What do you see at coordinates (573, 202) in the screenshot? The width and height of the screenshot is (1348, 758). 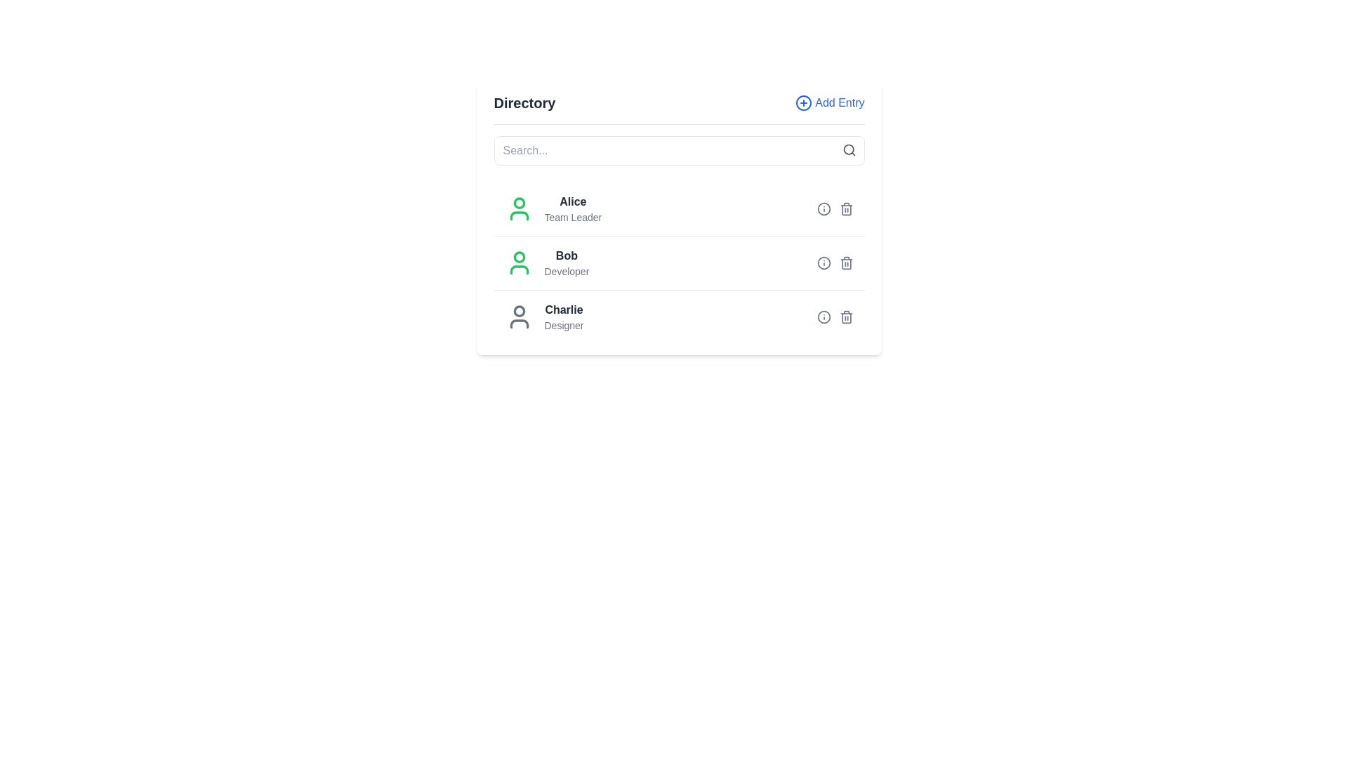 I see `the text label displaying the name 'Alice', which is bold and black, located next to a green user profile icon and above the smaller text 'Team Leader'` at bounding box center [573, 202].